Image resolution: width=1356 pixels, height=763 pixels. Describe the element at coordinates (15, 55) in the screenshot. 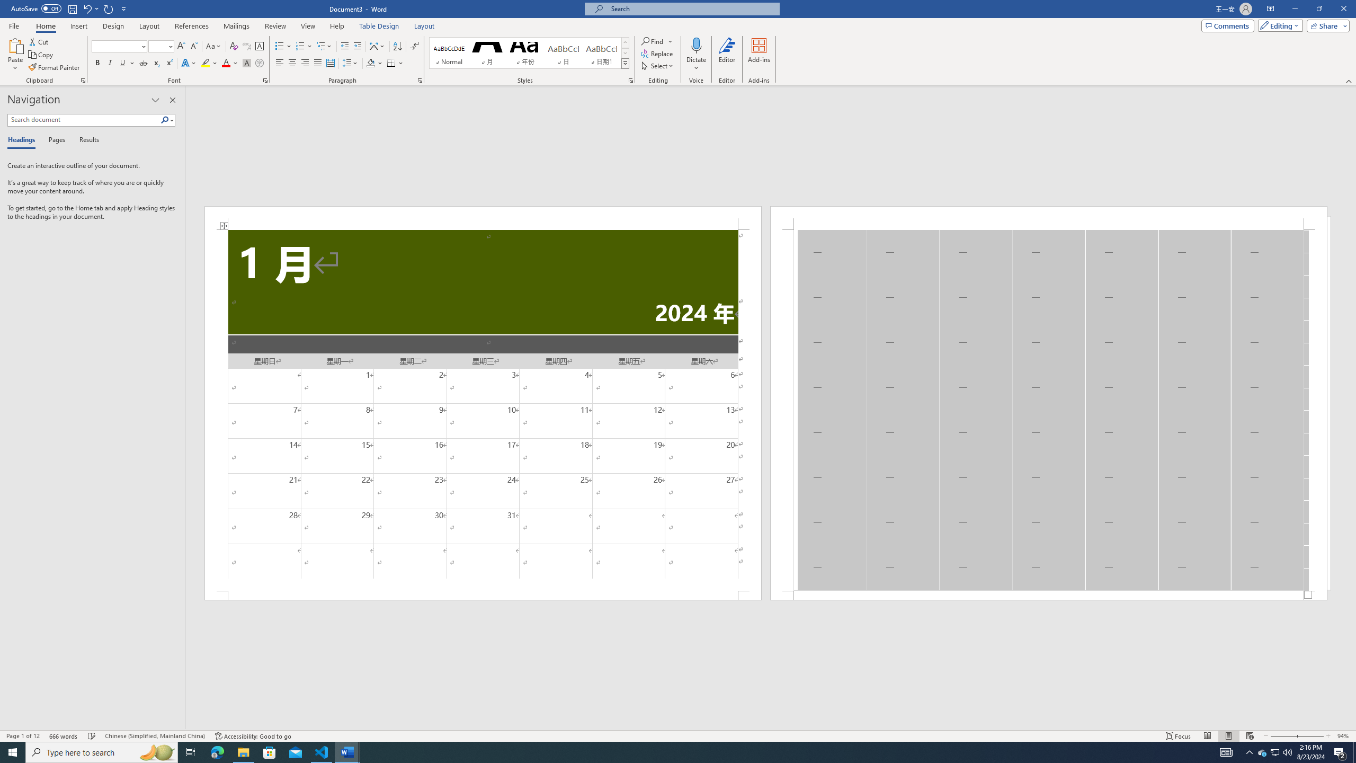

I see `'Paste'` at that location.